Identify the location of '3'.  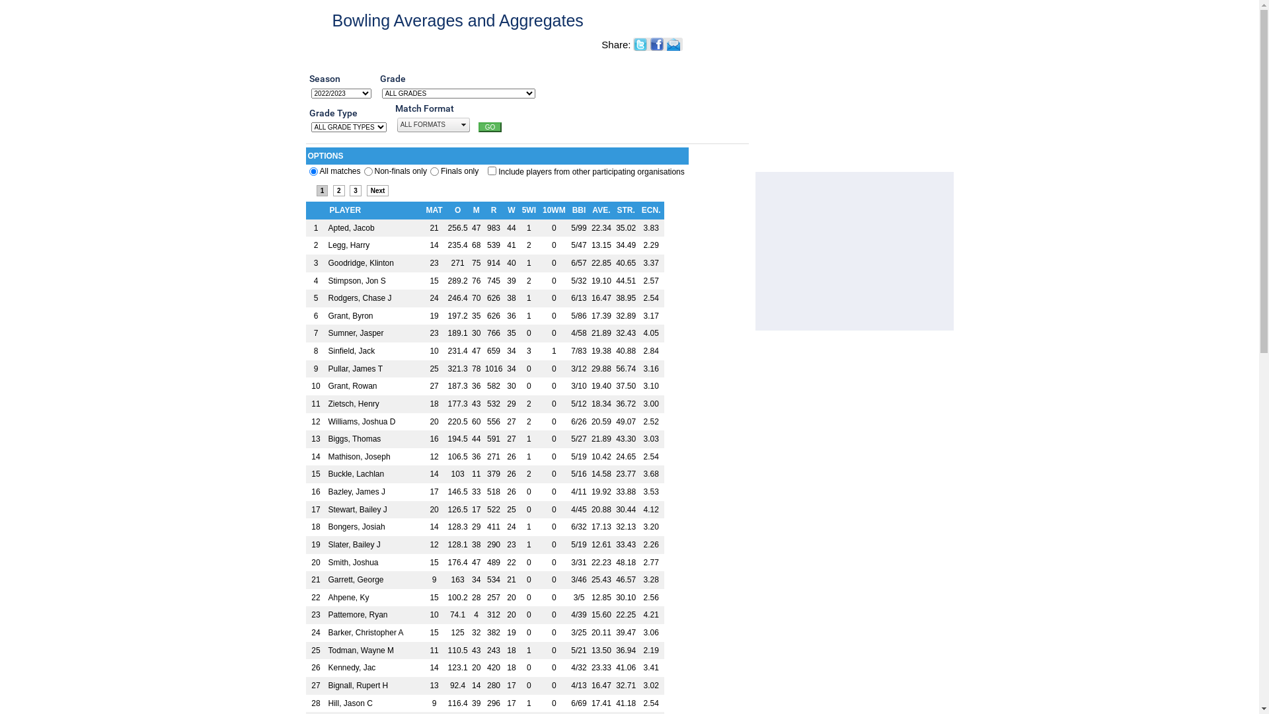
(349, 190).